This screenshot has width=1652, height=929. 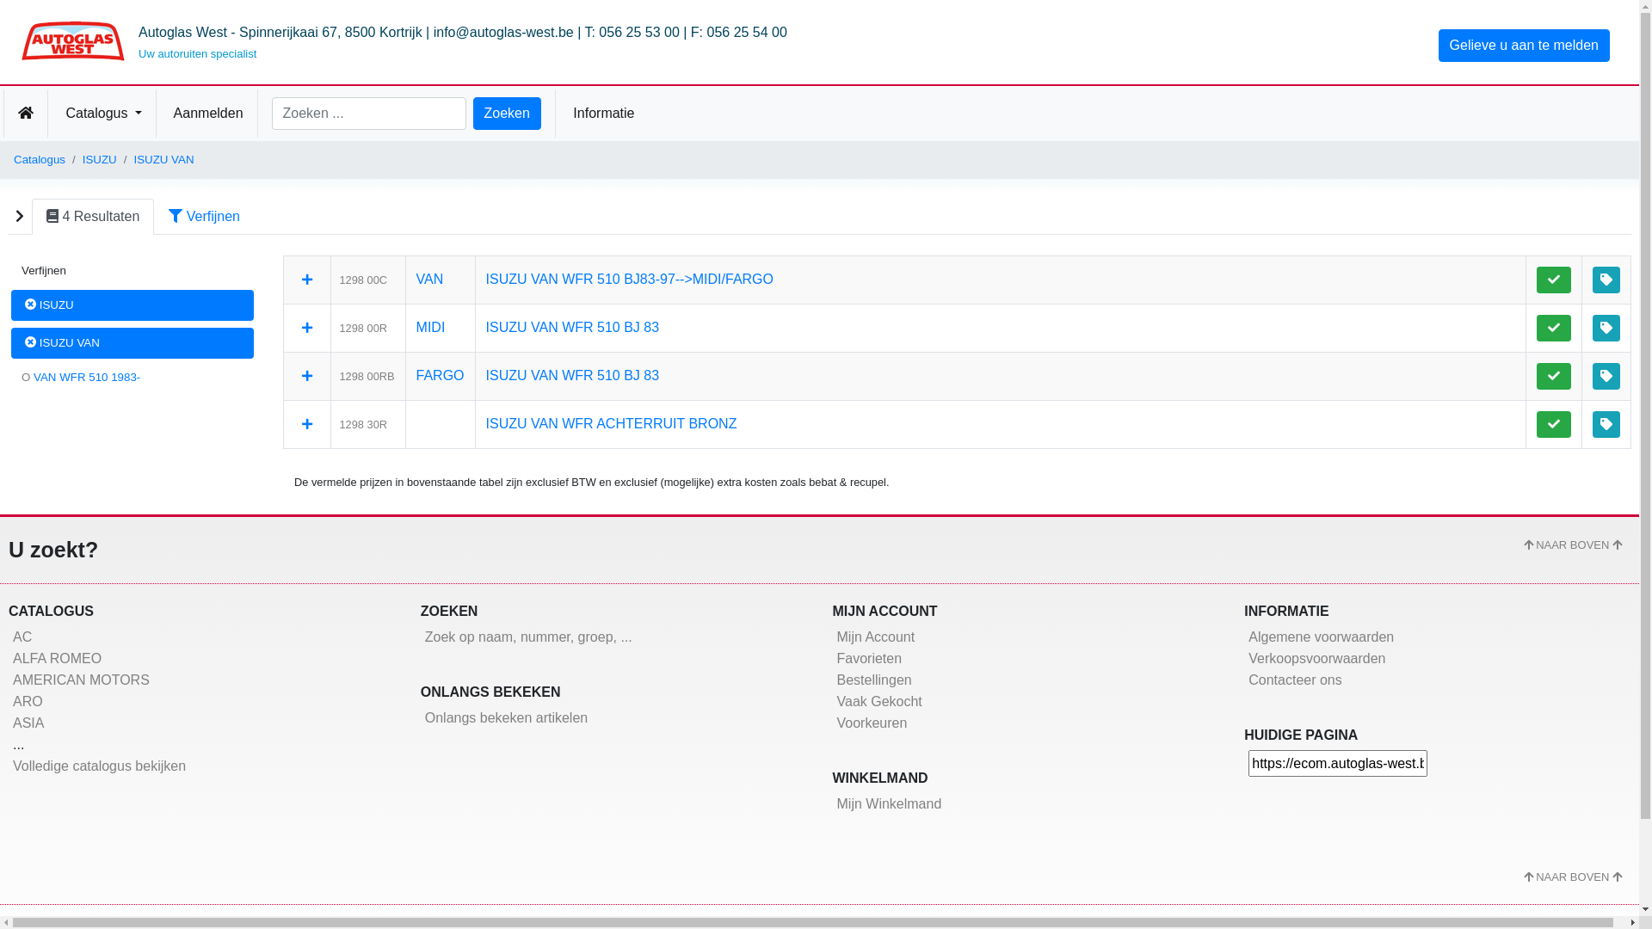 What do you see at coordinates (506, 113) in the screenshot?
I see `'Zoeken'` at bounding box center [506, 113].